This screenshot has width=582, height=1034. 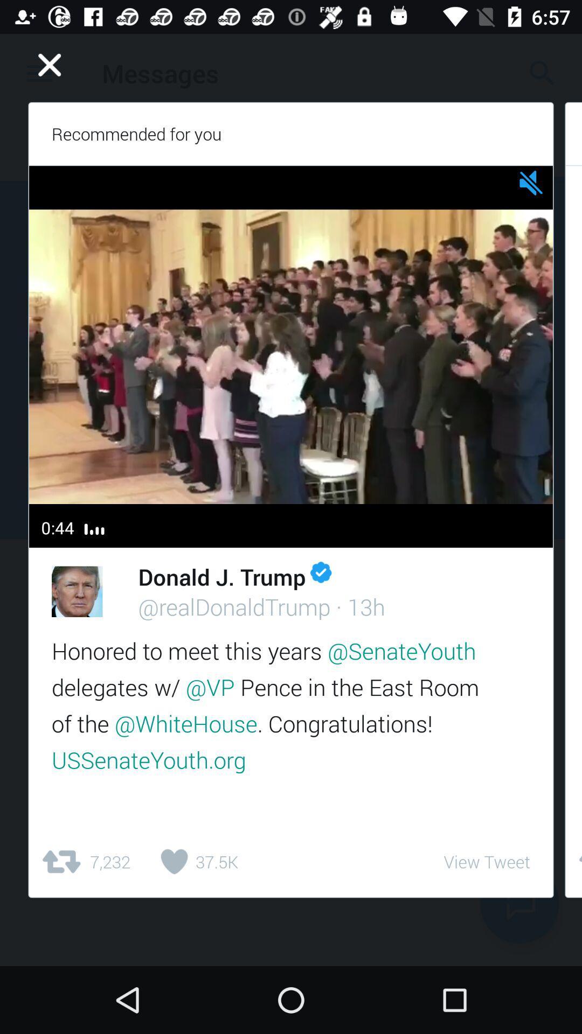 What do you see at coordinates (487, 862) in the screenshot?
I see `the icon to the left of the 2,986 item` at bounding box center [487, 862].